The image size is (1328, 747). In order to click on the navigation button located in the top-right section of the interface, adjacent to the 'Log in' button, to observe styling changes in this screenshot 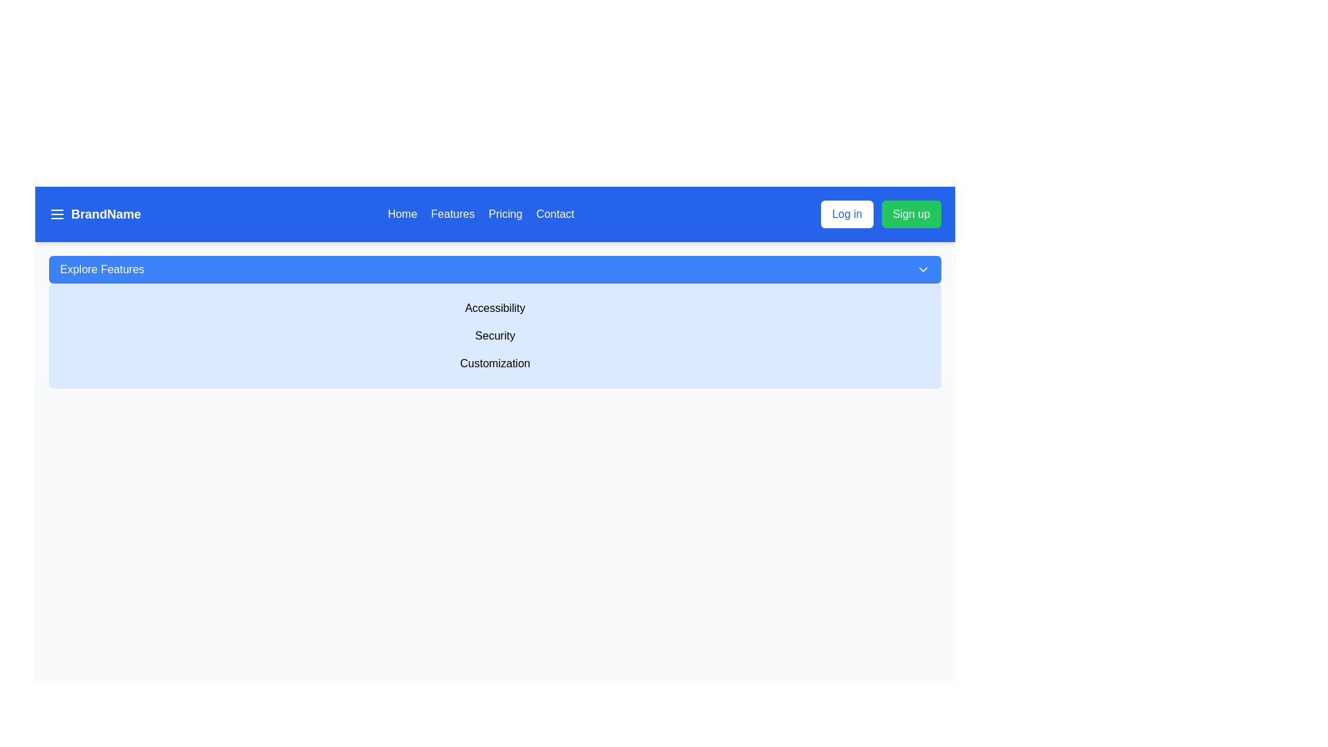, I will do `click(911, 214)`.